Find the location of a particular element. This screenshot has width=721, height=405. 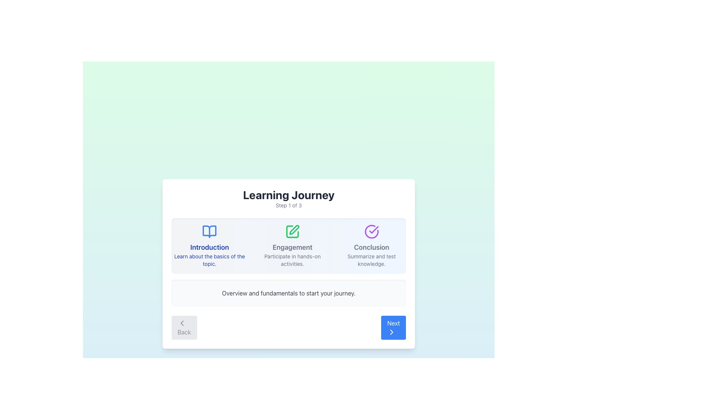

the 'Engagement' icon located in the center of the navigation bar, positioned between 'Introduction' and 'Conclusion' is located at coordinates (292, 231).